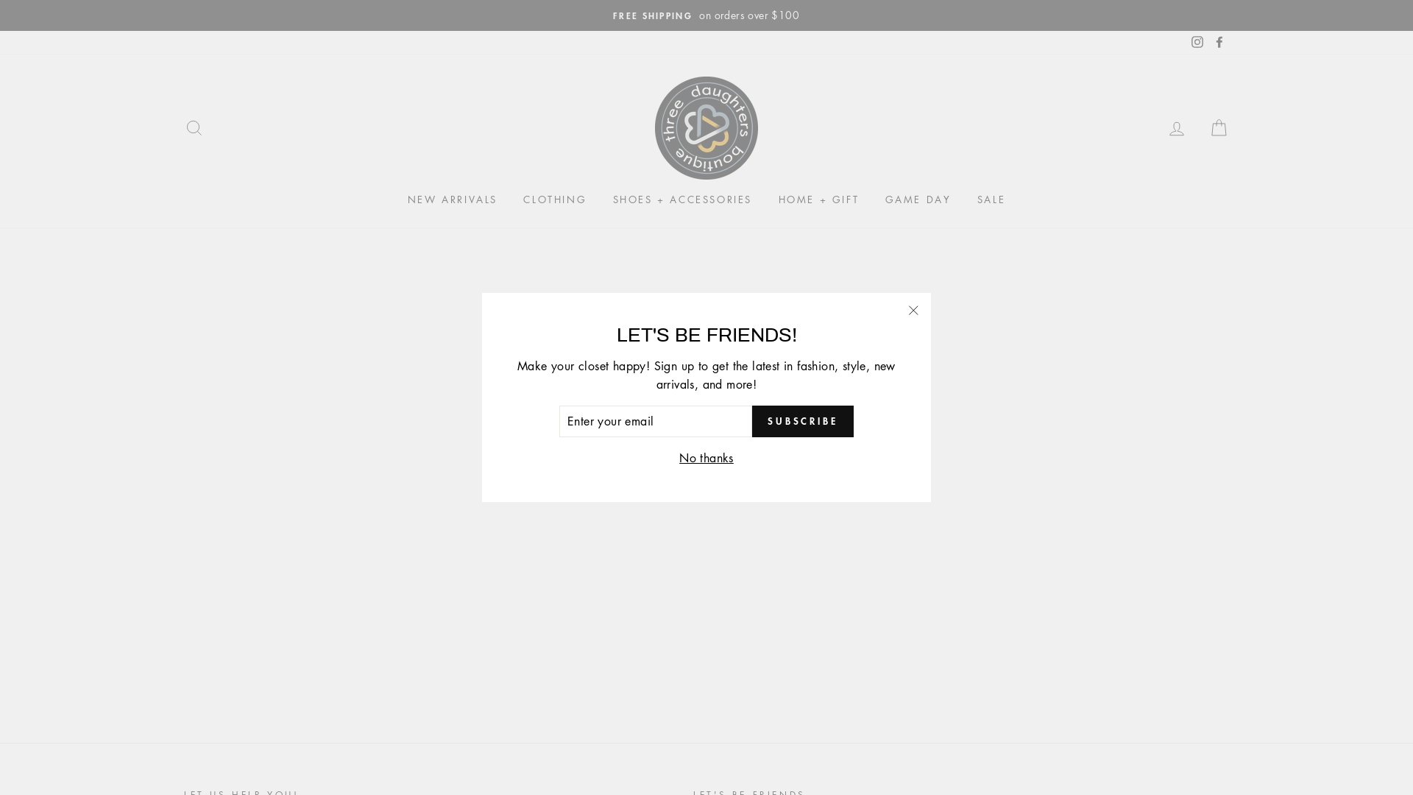 This screenshot has width=1413, height=795. I want to click on 'GAME DAY', so click(918, 200).